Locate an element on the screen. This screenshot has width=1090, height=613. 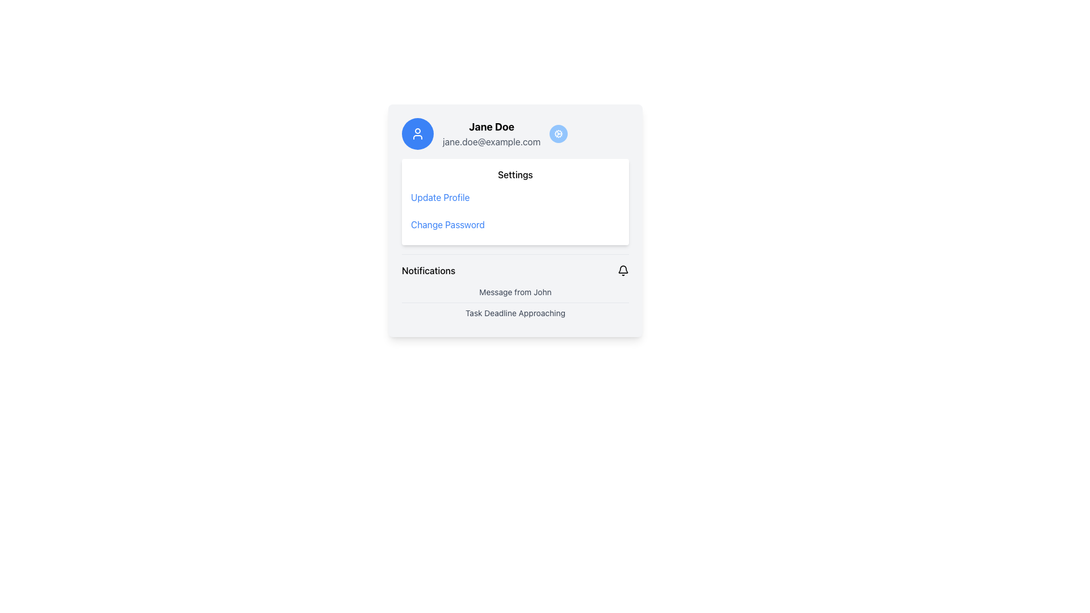
the 'Notifications' text label located within the profile card interface, positioned to the left of the bell icon is located at coordinates (428, 271).